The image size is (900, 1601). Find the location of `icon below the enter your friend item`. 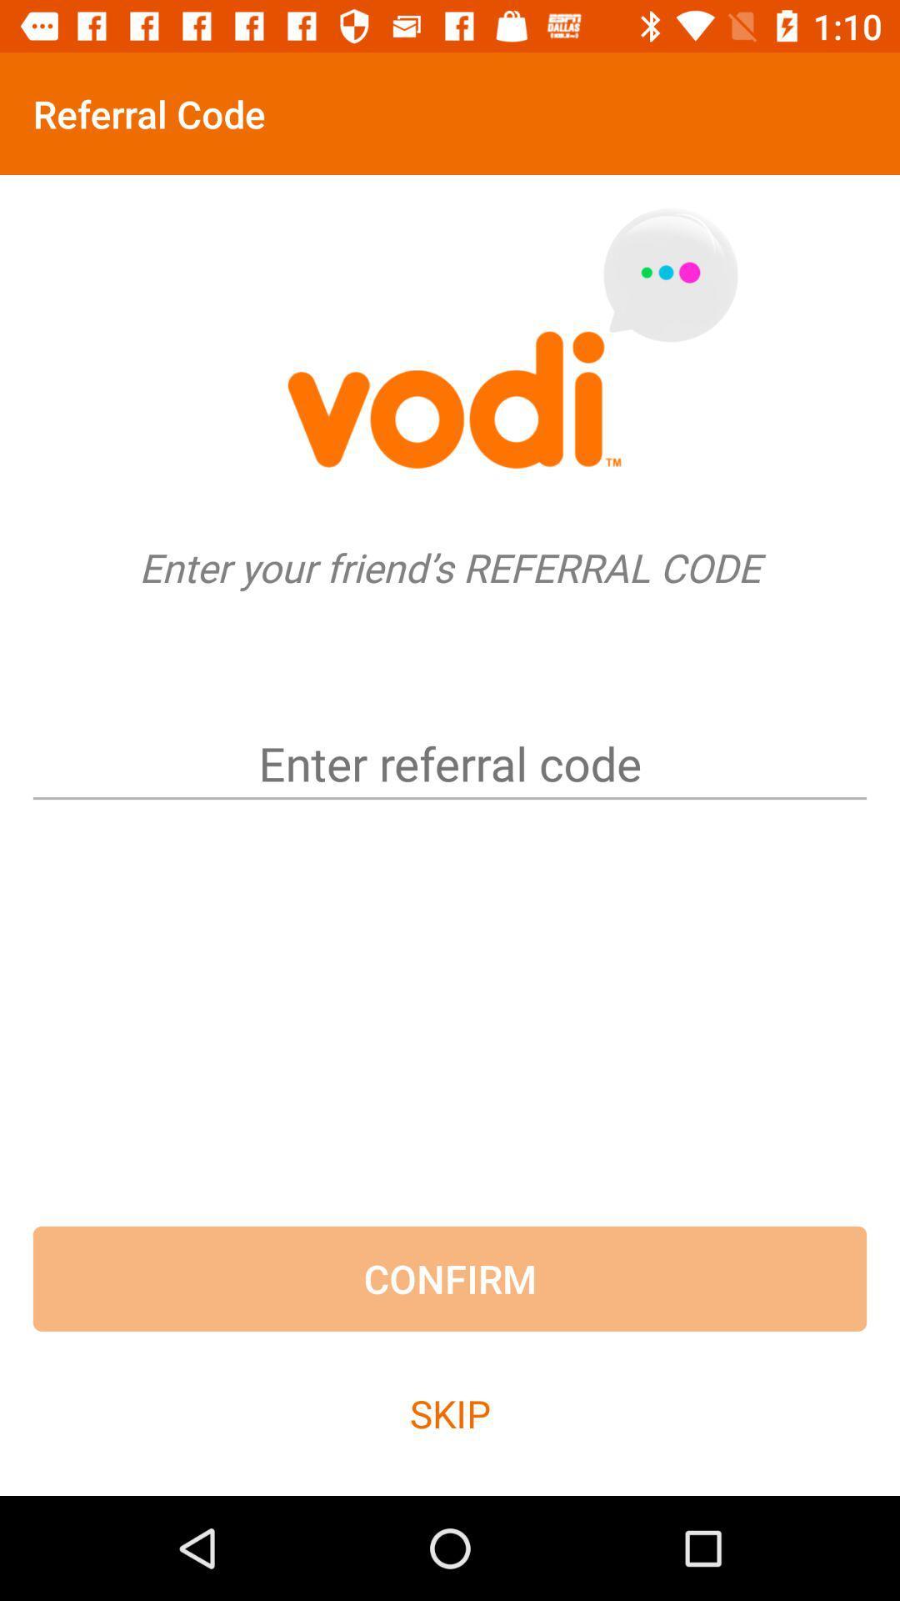

icon below the enter your friend item is located at coordinates (450, 735).